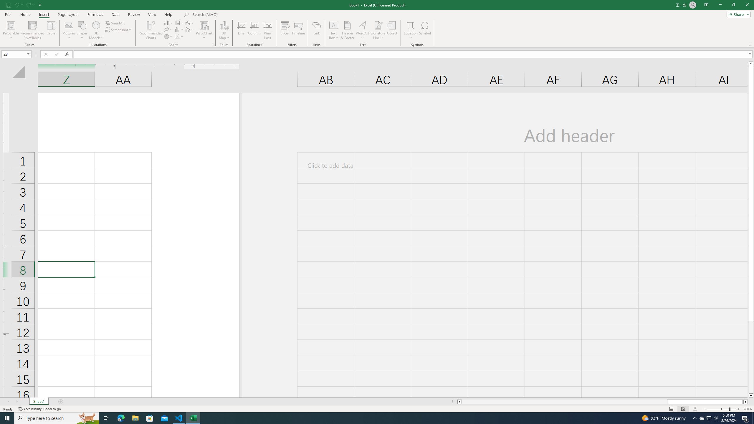 This screenshot has width=754, height=424. Describe the element at coordinates (224, 25) in the screenshot. I see `'3D Map'` at that location.